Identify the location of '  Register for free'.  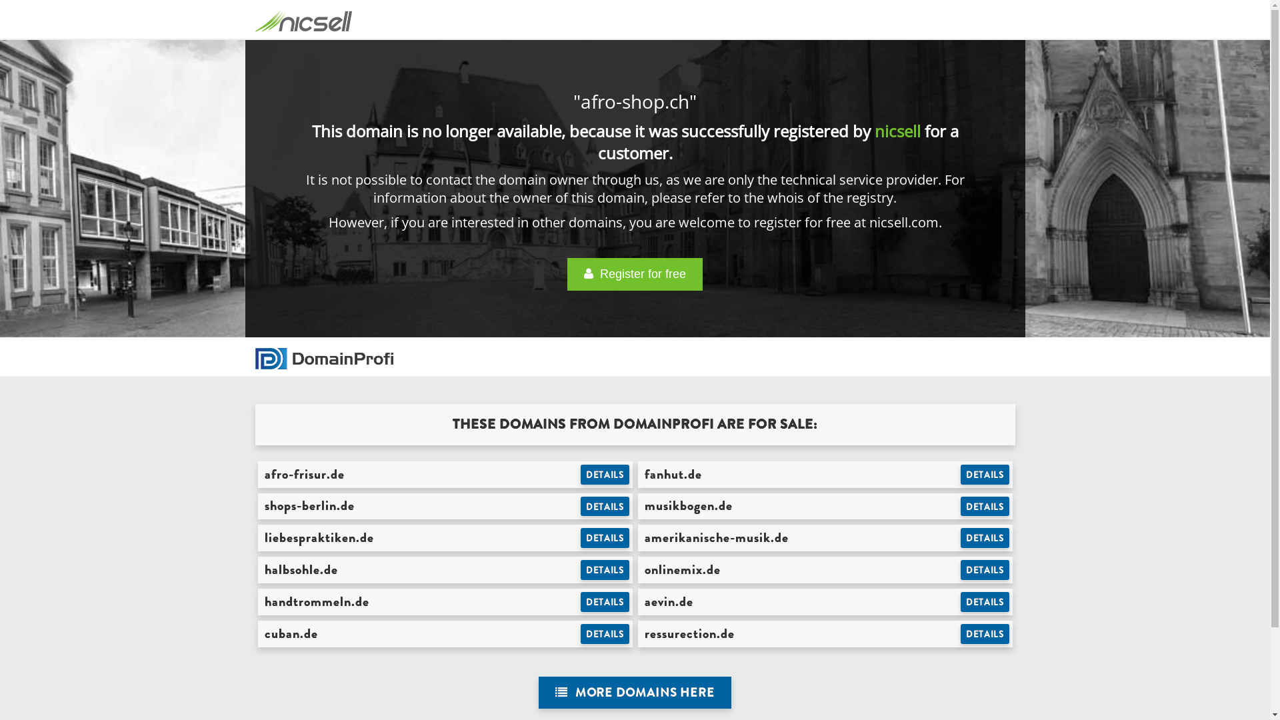
(634, 273).